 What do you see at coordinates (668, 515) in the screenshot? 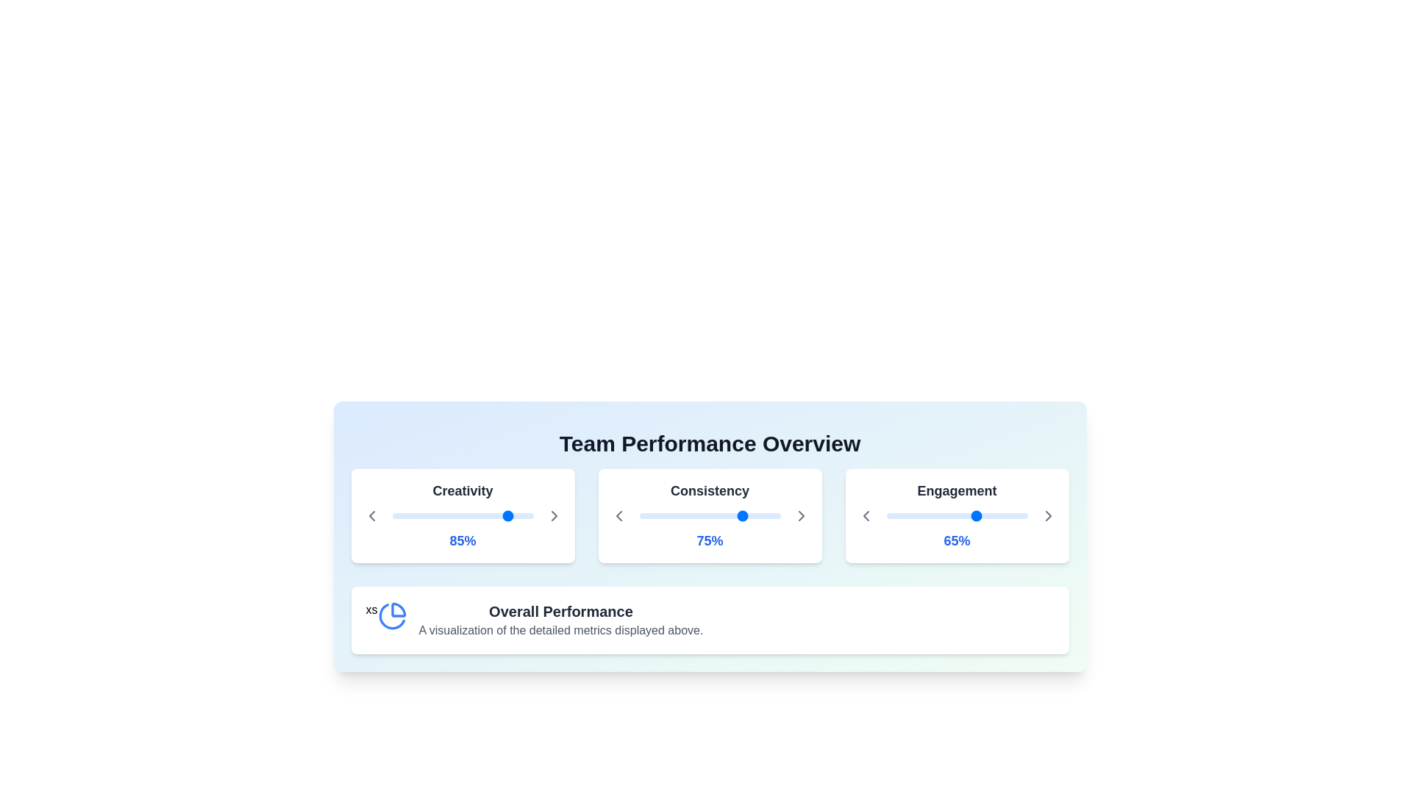
I see `the consistency score` at bounding box center [668, 515].